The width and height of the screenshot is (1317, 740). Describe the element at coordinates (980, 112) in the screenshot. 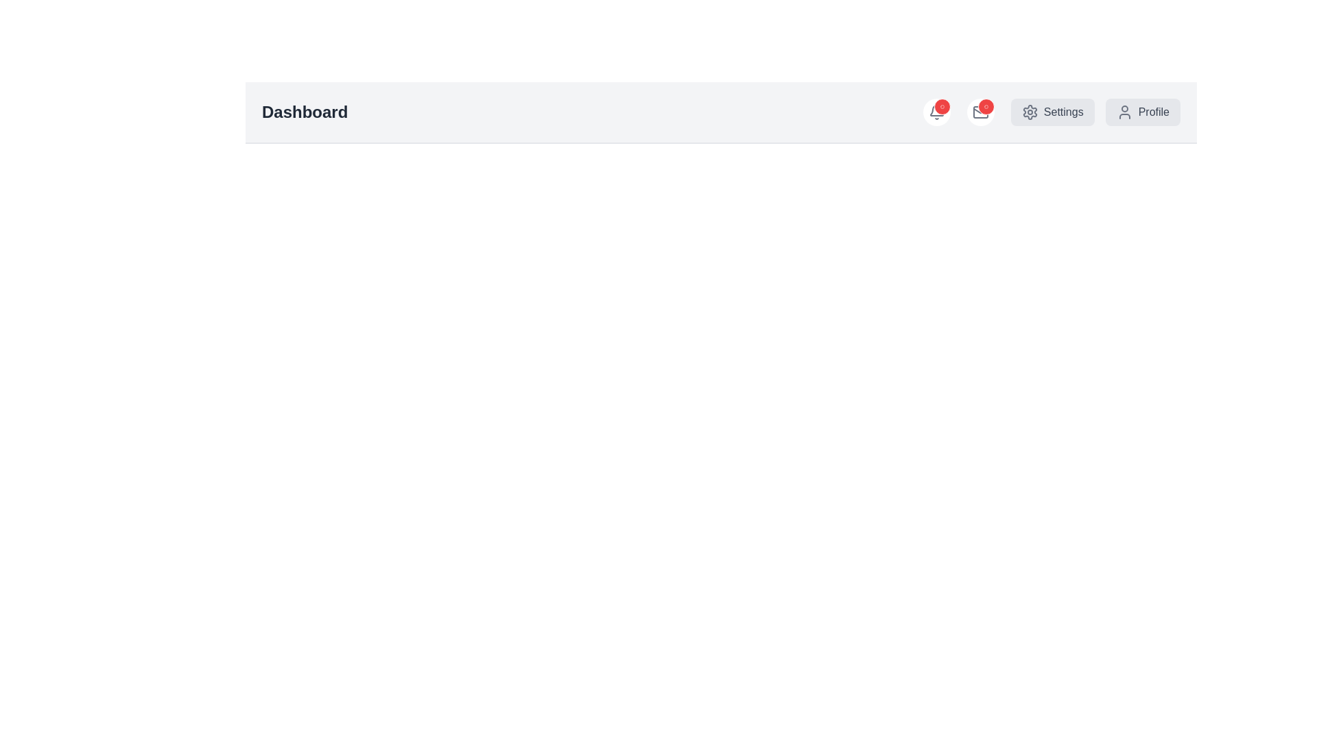

I see `the minimalist gray outlined envelope icon with a badge showing '2' in red, located in the top-right of the interface` at that location.